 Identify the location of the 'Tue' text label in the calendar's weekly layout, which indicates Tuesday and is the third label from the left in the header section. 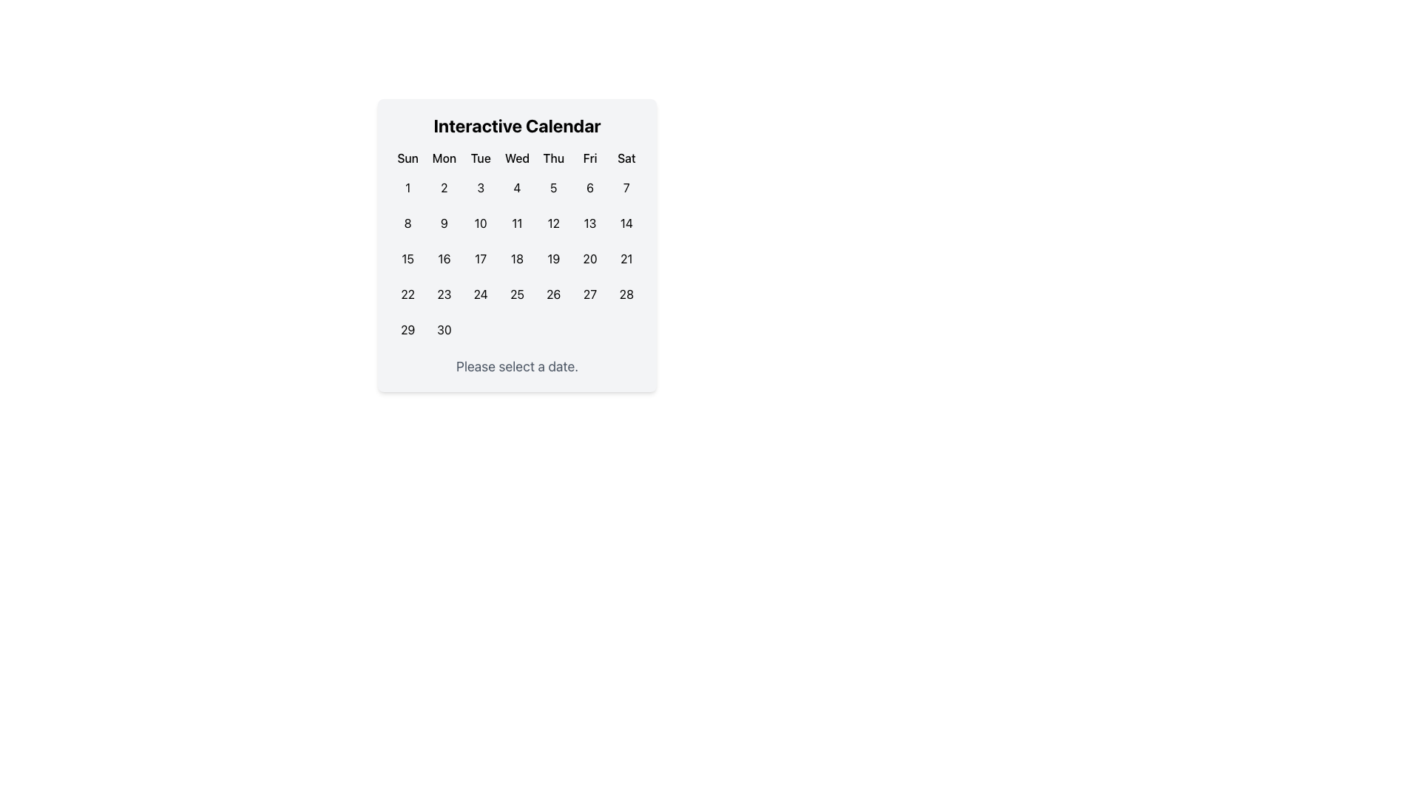
(481, 158).